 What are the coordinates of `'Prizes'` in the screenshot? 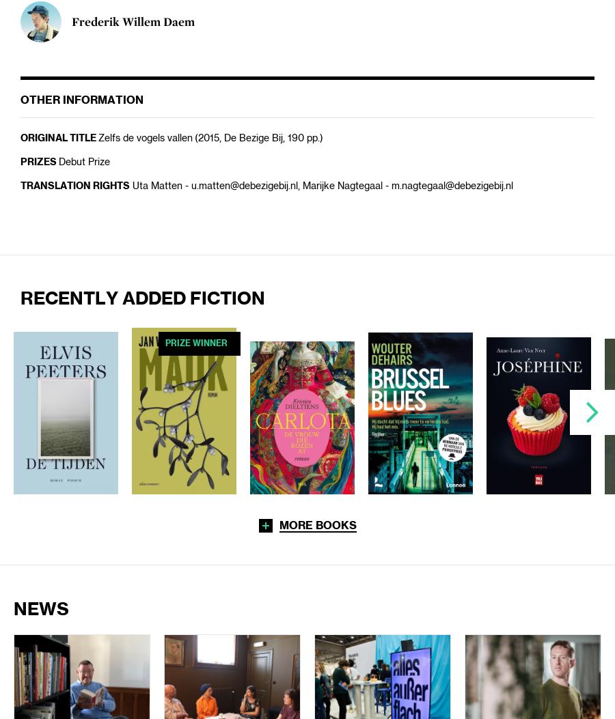 It's located at (38, 162).